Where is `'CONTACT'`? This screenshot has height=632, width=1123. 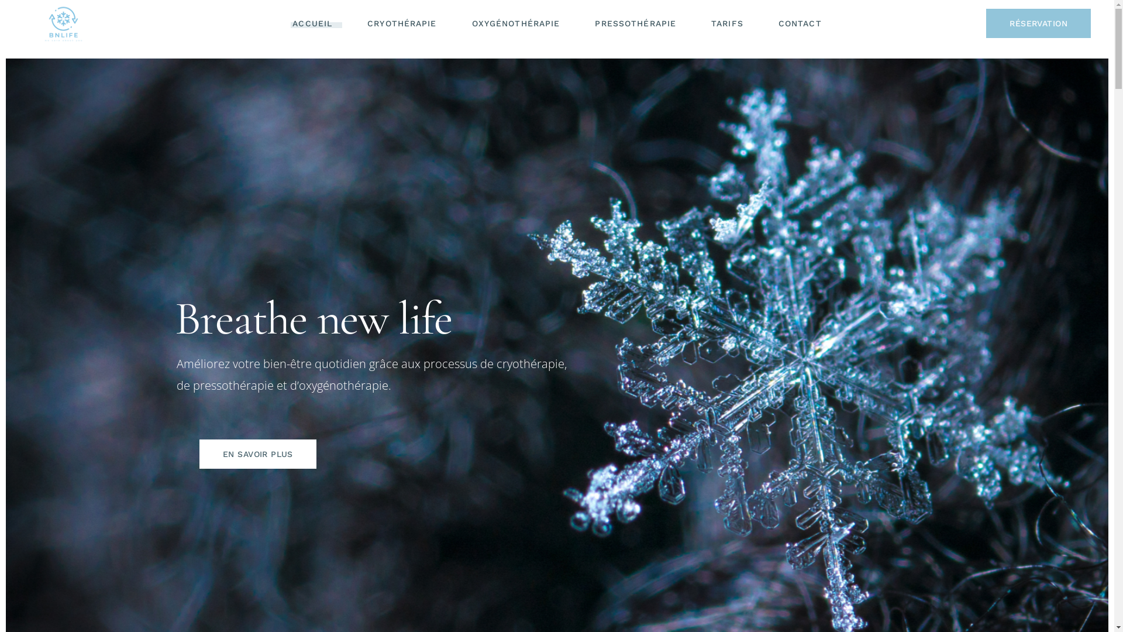
'CONTACT' is located at coordinates (800, 23).